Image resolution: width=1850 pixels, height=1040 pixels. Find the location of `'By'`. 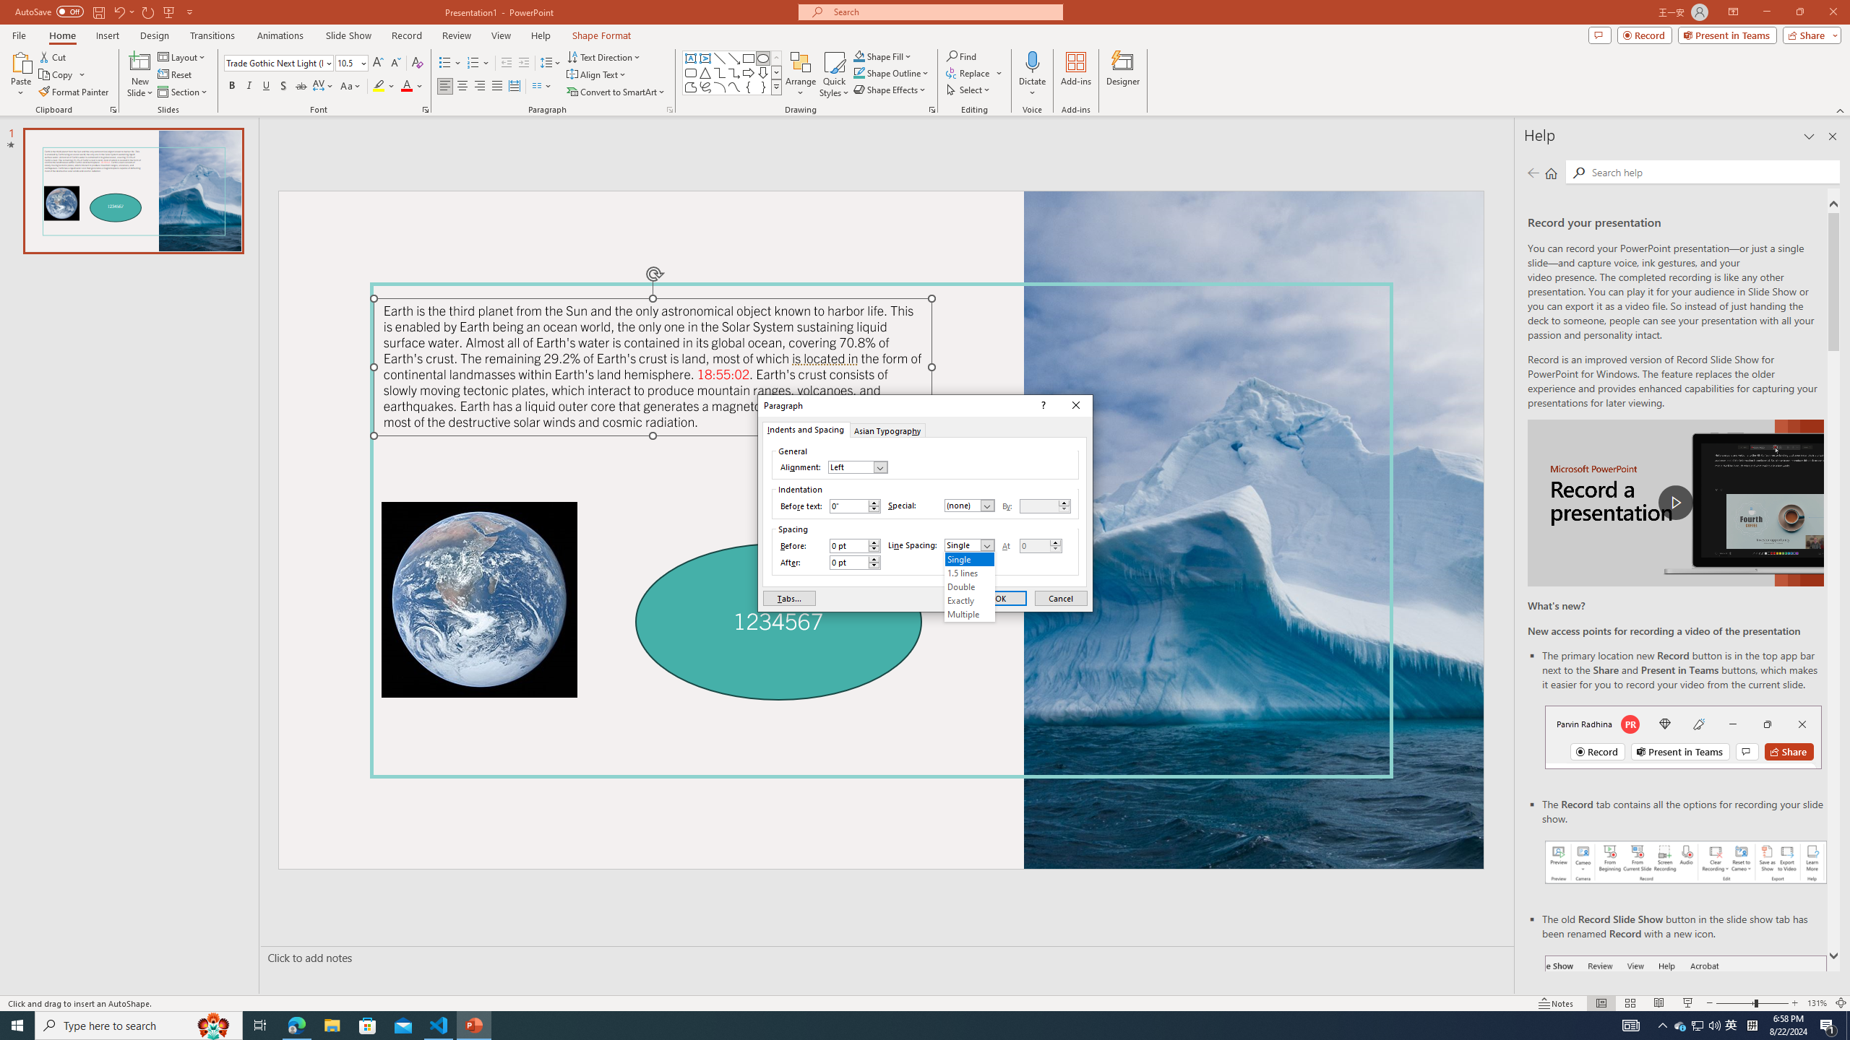

'By' is located at coordinates (1045, 506).